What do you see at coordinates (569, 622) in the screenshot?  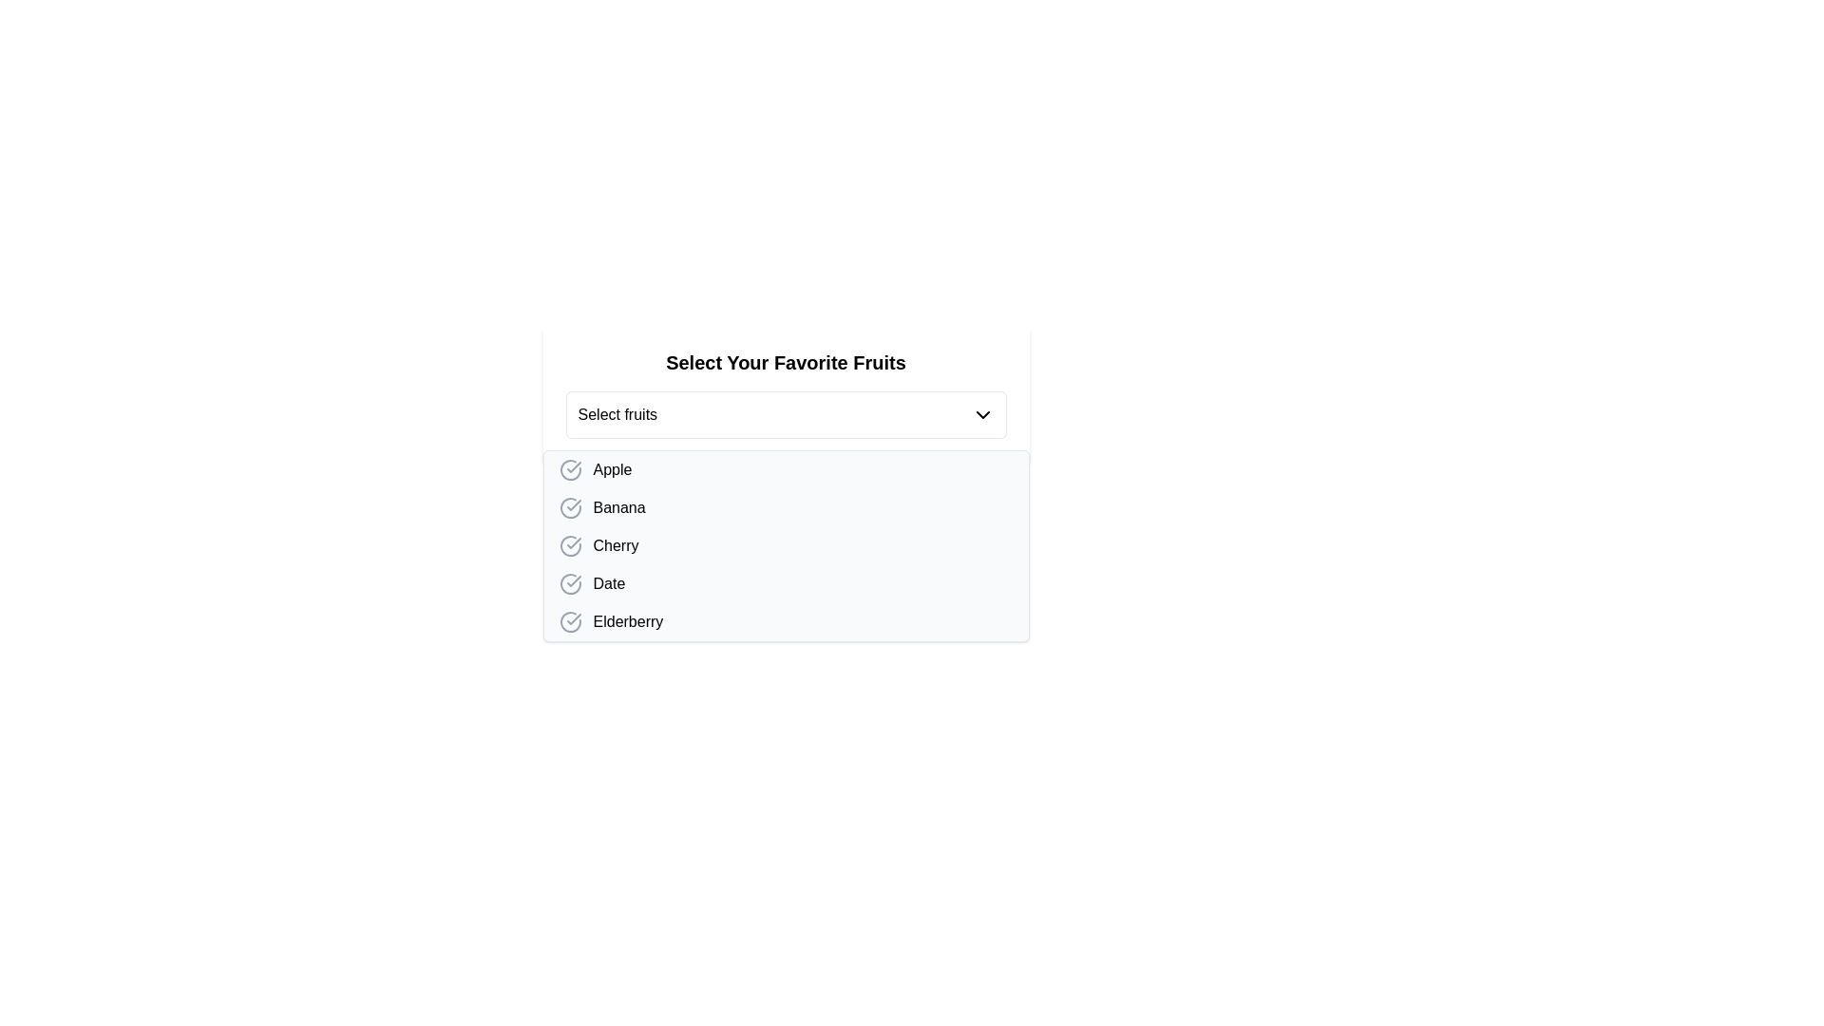 I see `the item selection indicator icon located to the immediate left of the text 'Elderberry' in the drop-down menu options` at bounding box center [569, 622].